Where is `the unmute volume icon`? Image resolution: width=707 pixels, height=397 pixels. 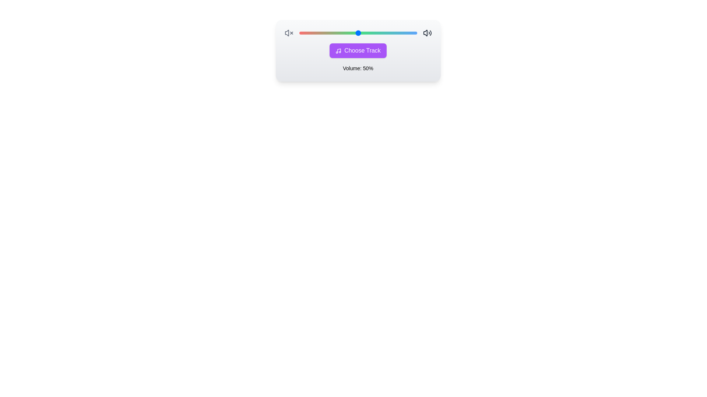 the unmute volume icon is located at coordinates (427, 32).